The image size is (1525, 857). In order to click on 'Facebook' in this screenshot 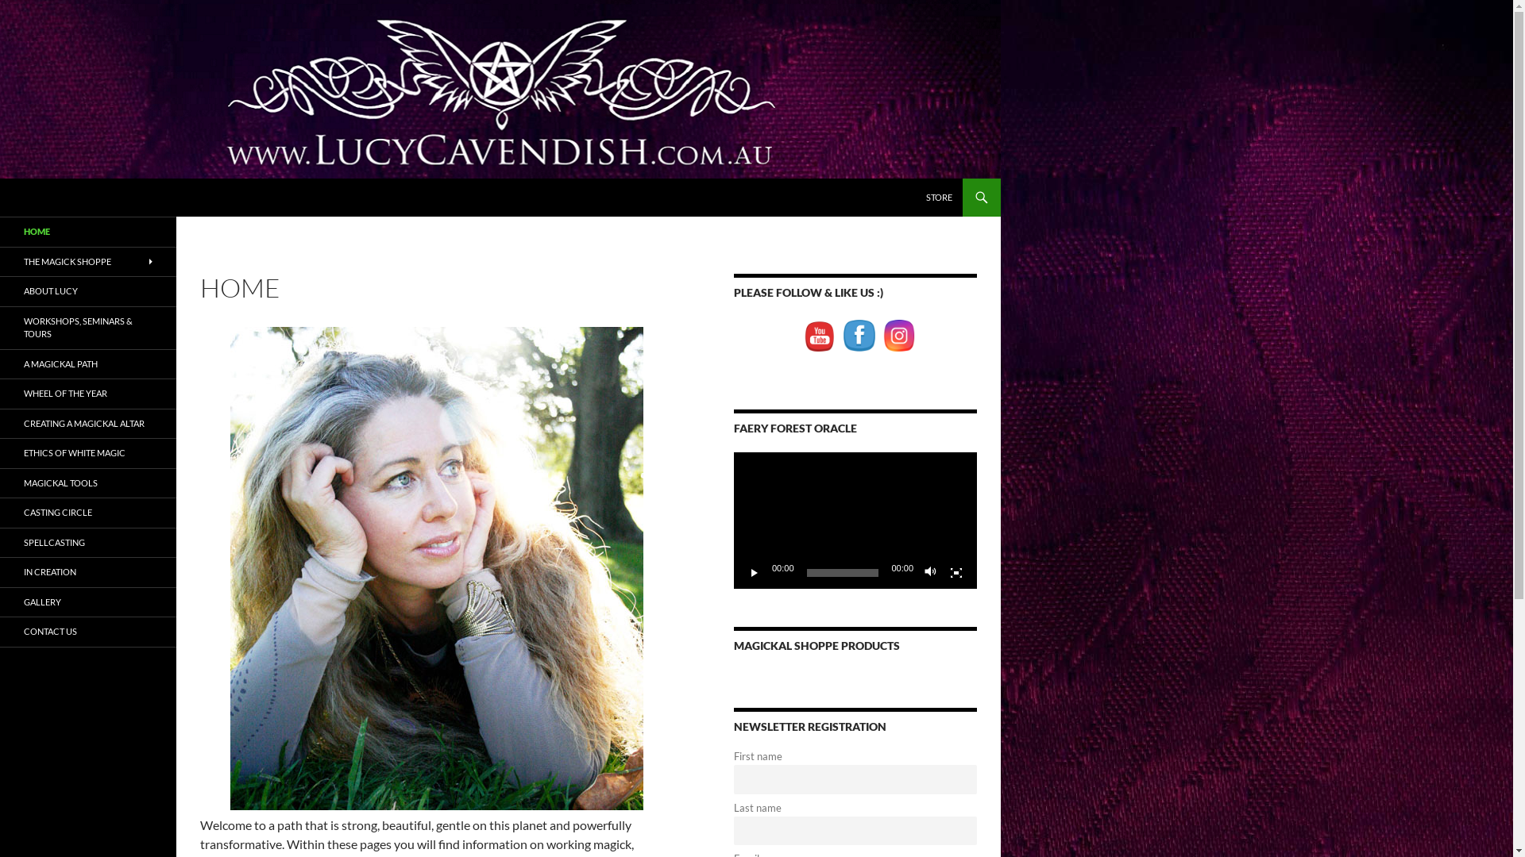, I will do `click(858, 335)`.